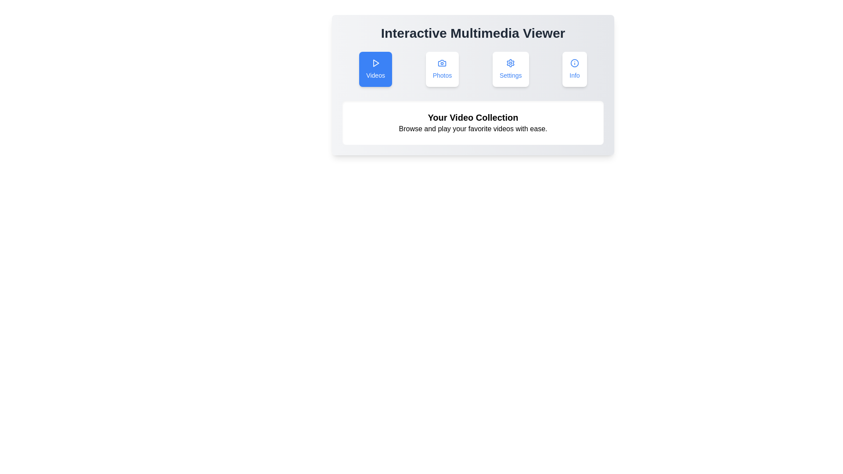 Image resolution: width=843 pixels, height=474 pixels. I want to click on the text block containing the title 'Your Video Collection' and the description 'Browse and play your favorite videos with ease.', so click(472, 123).